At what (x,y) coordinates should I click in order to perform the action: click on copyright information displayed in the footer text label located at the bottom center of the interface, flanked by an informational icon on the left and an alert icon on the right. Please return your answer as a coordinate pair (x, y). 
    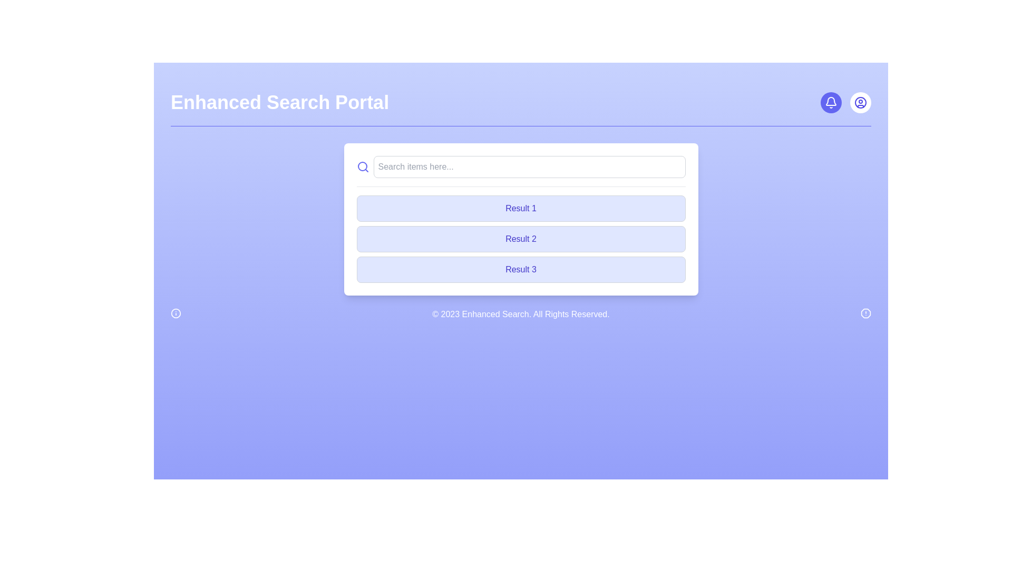
    Looking at the image, I should click on (521, 314).